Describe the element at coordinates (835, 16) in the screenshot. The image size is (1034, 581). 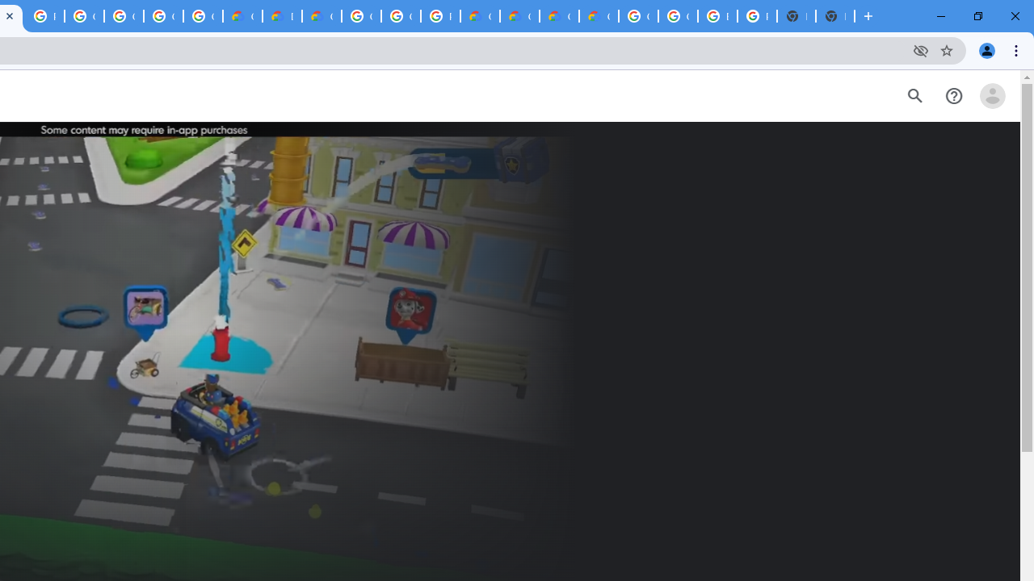
I see `'New Tab'` at that location.